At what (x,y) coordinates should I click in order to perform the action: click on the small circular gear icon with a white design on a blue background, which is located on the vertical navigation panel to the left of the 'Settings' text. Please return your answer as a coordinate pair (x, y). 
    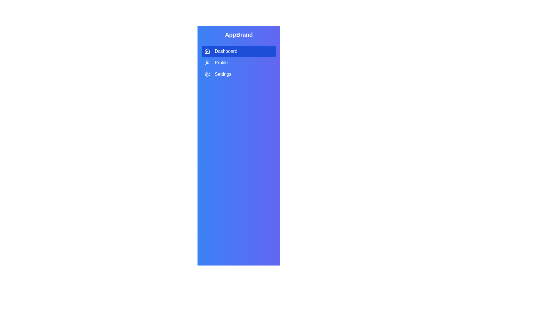
    Looking at the image, I should click on (207, 74).